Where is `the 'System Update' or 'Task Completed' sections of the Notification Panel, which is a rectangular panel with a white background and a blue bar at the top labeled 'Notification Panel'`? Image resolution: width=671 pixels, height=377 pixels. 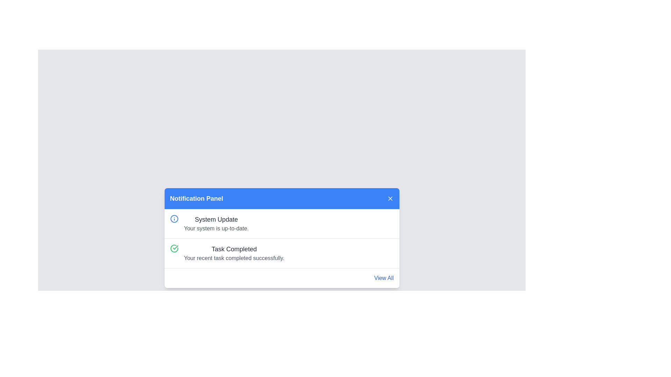 the 'System Update' or 'Task Completed' sections of the Notification Panel, which is a rectangular panel with a white background and a blue bar at the top labeled 'Notification Panel' is located at coordinates (282, 238).